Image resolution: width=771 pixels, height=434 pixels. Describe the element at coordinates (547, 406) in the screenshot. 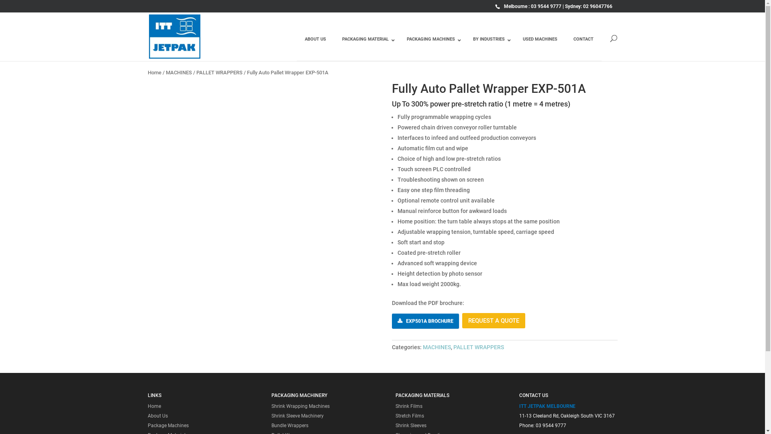

I see `'ITT JETPAK MELBOURNE'` at that location.